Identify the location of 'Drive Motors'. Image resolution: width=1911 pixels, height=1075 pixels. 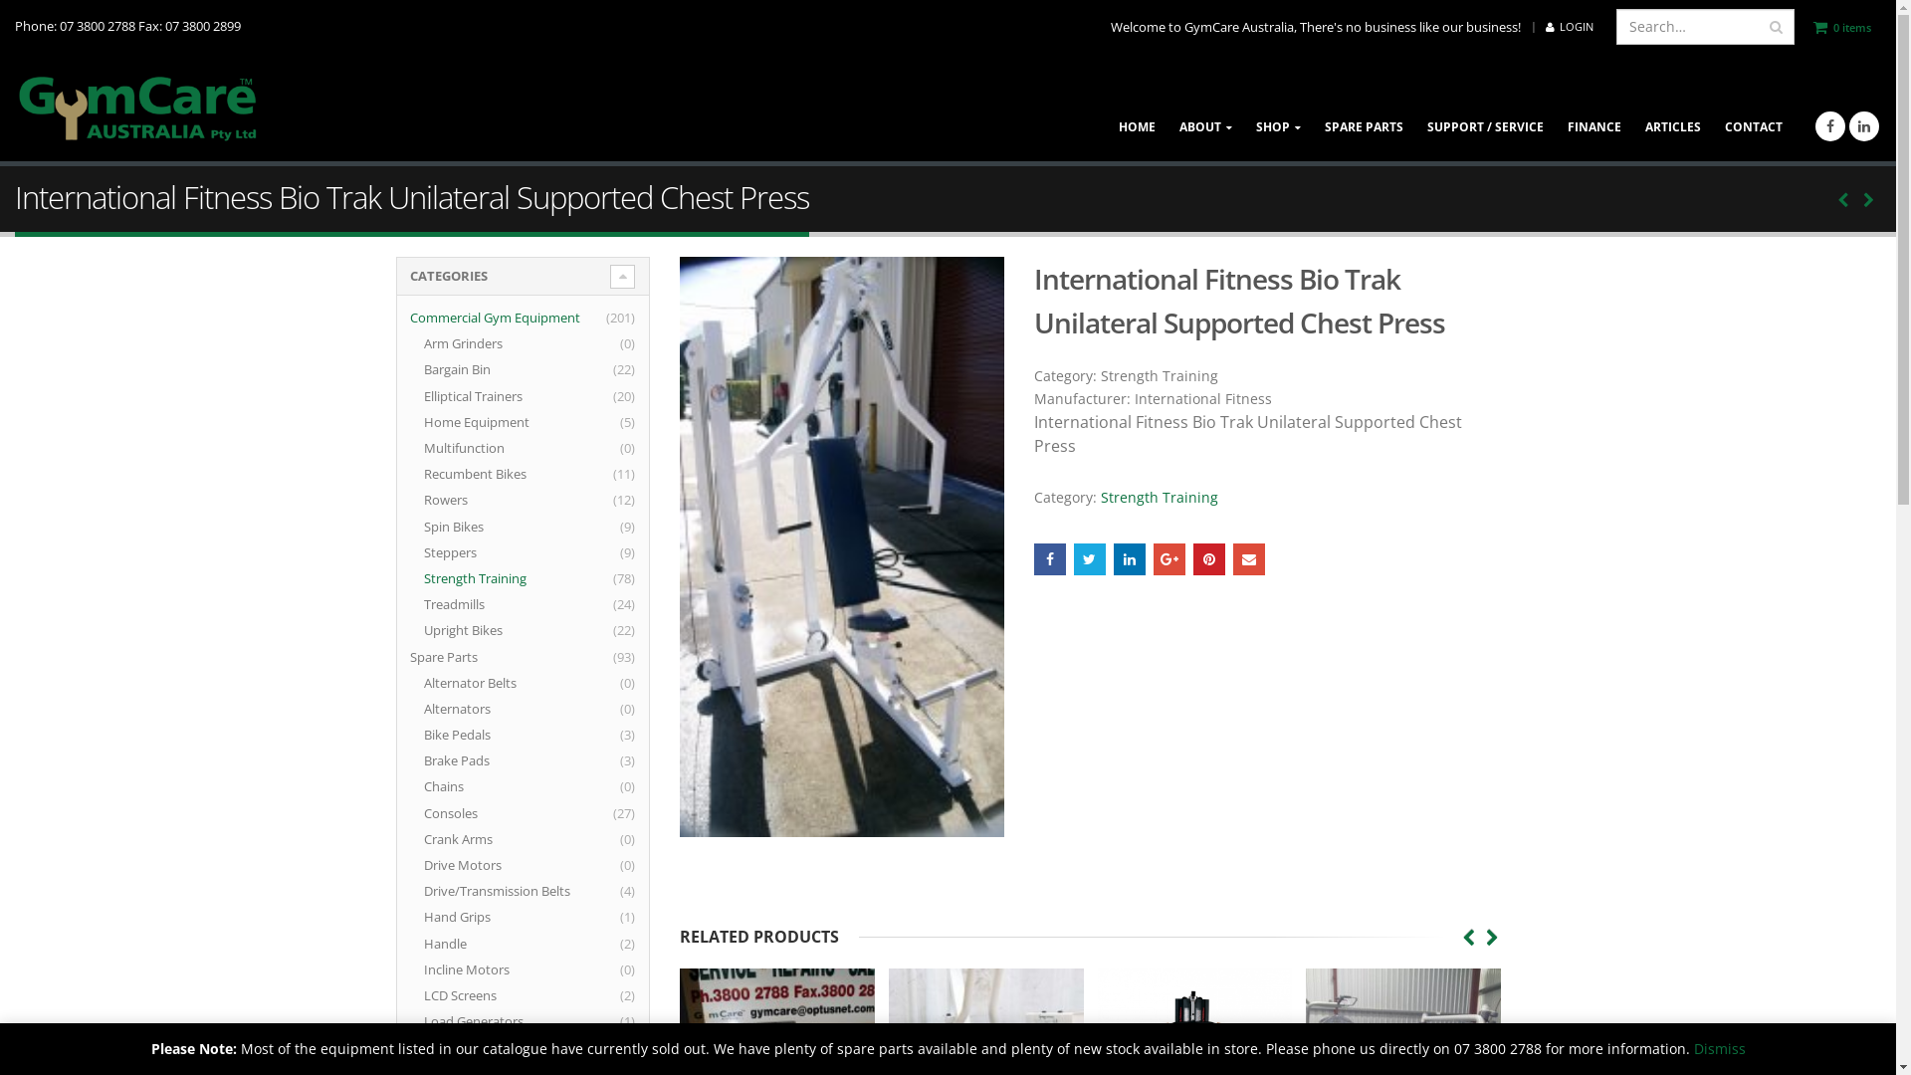
(474, 863).